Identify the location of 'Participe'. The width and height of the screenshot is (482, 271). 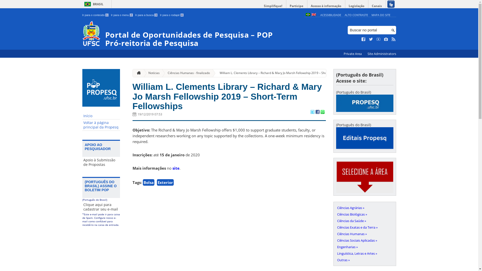
(296, 6).